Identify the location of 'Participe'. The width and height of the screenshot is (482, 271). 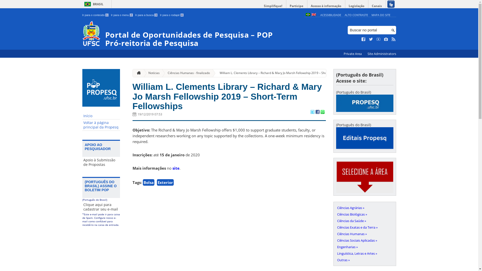
(296, 6).